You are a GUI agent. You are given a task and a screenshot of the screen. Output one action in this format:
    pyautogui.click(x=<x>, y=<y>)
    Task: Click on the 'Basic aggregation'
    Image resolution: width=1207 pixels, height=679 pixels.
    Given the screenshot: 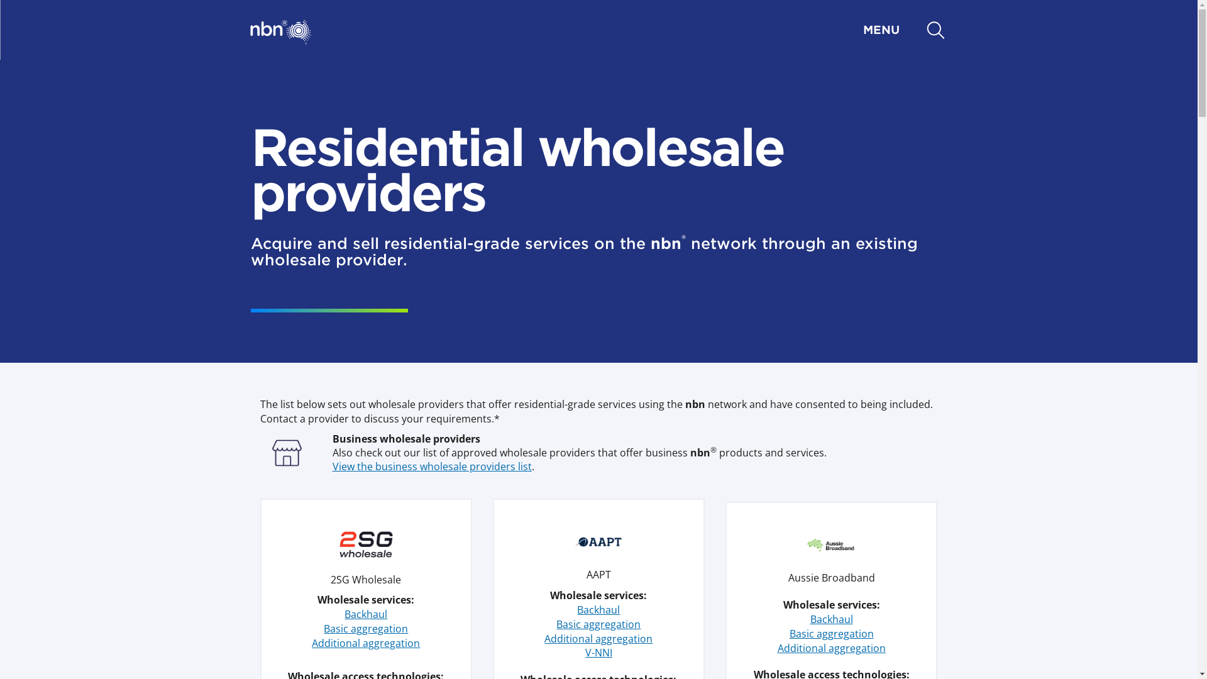 What is the action you would take?
    pyautogui.click(x=365, y=628)
    